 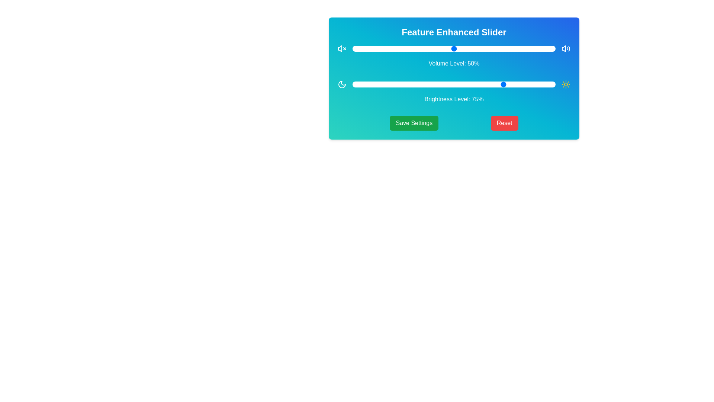 I want to click on the handle of the brightness slider located under the 'Brightness Level: 75%' section within the 'Feature Enhanced Slider' panel, so click(x=453, y=84).